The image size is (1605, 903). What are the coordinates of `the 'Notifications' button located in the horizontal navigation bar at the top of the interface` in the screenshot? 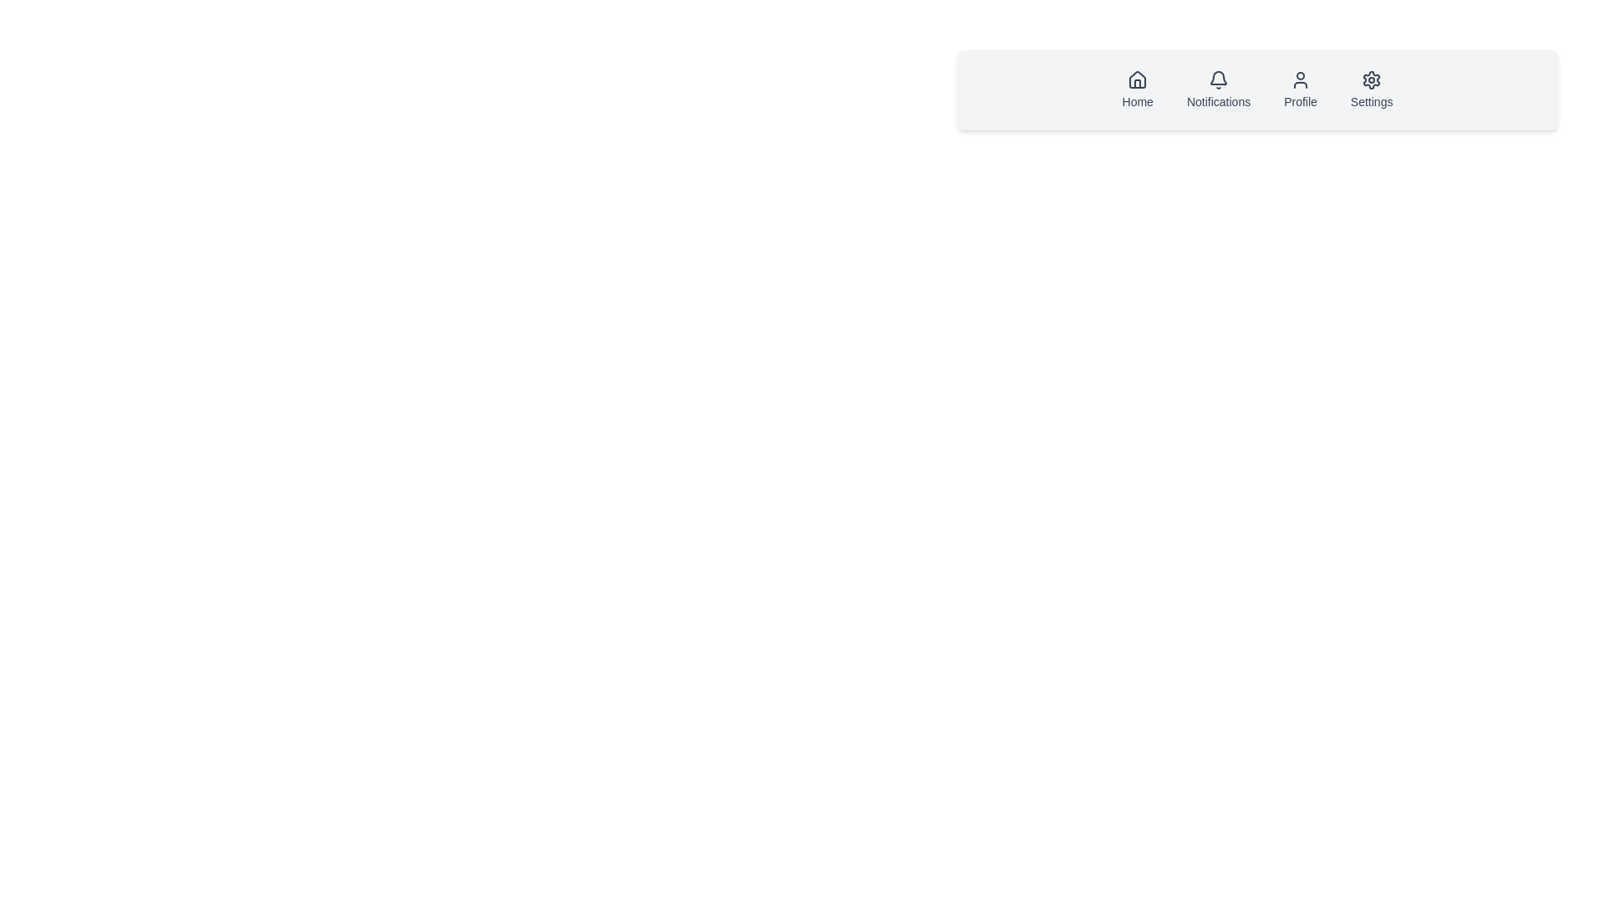 It's located at (1257, 90).